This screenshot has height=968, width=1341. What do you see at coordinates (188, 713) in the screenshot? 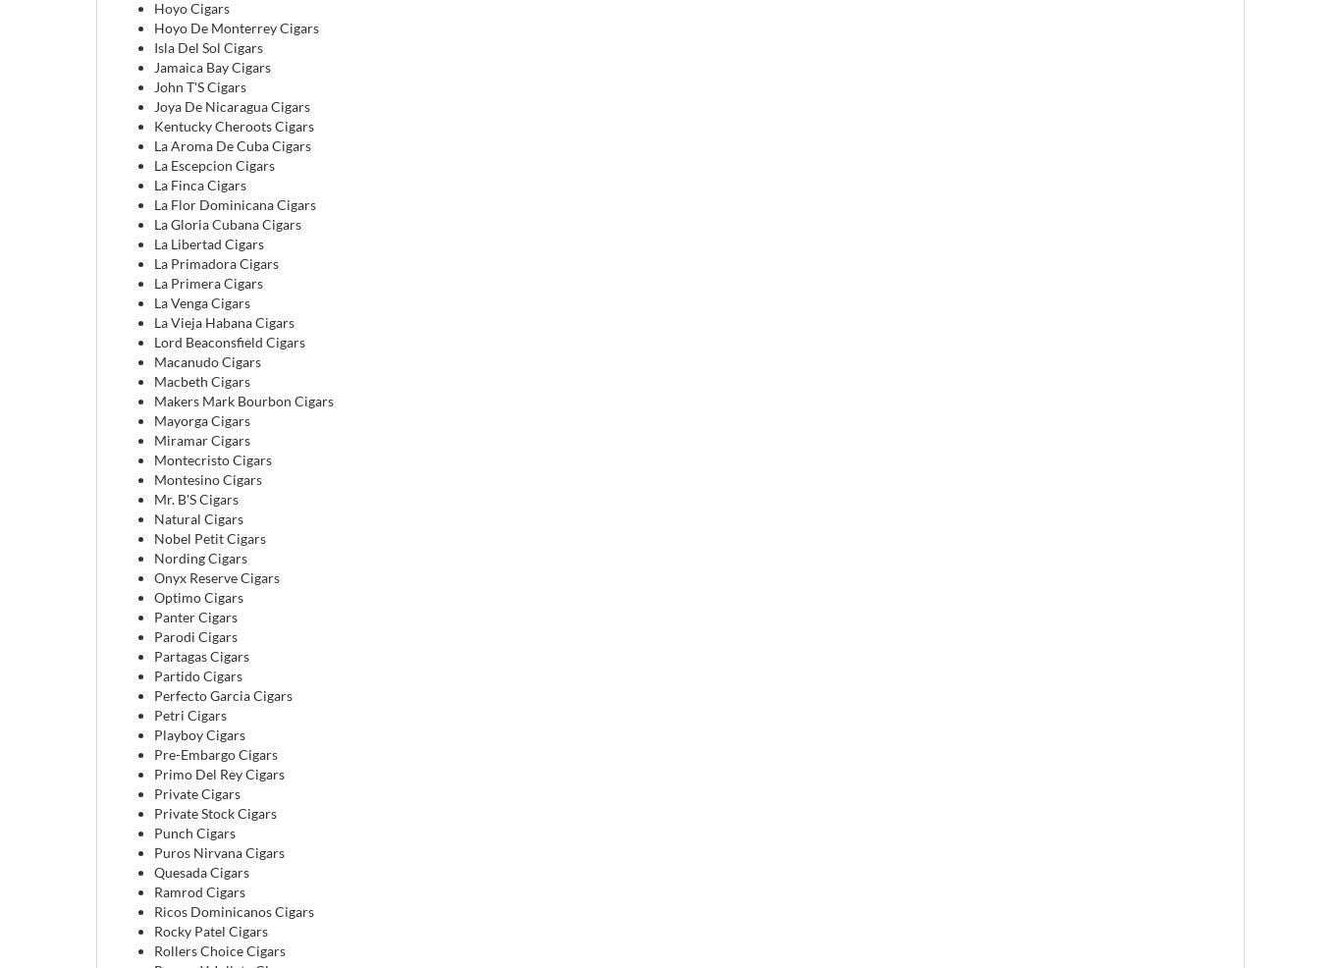
I see `'Petri Cigars'` at bounding box center [188, 713].